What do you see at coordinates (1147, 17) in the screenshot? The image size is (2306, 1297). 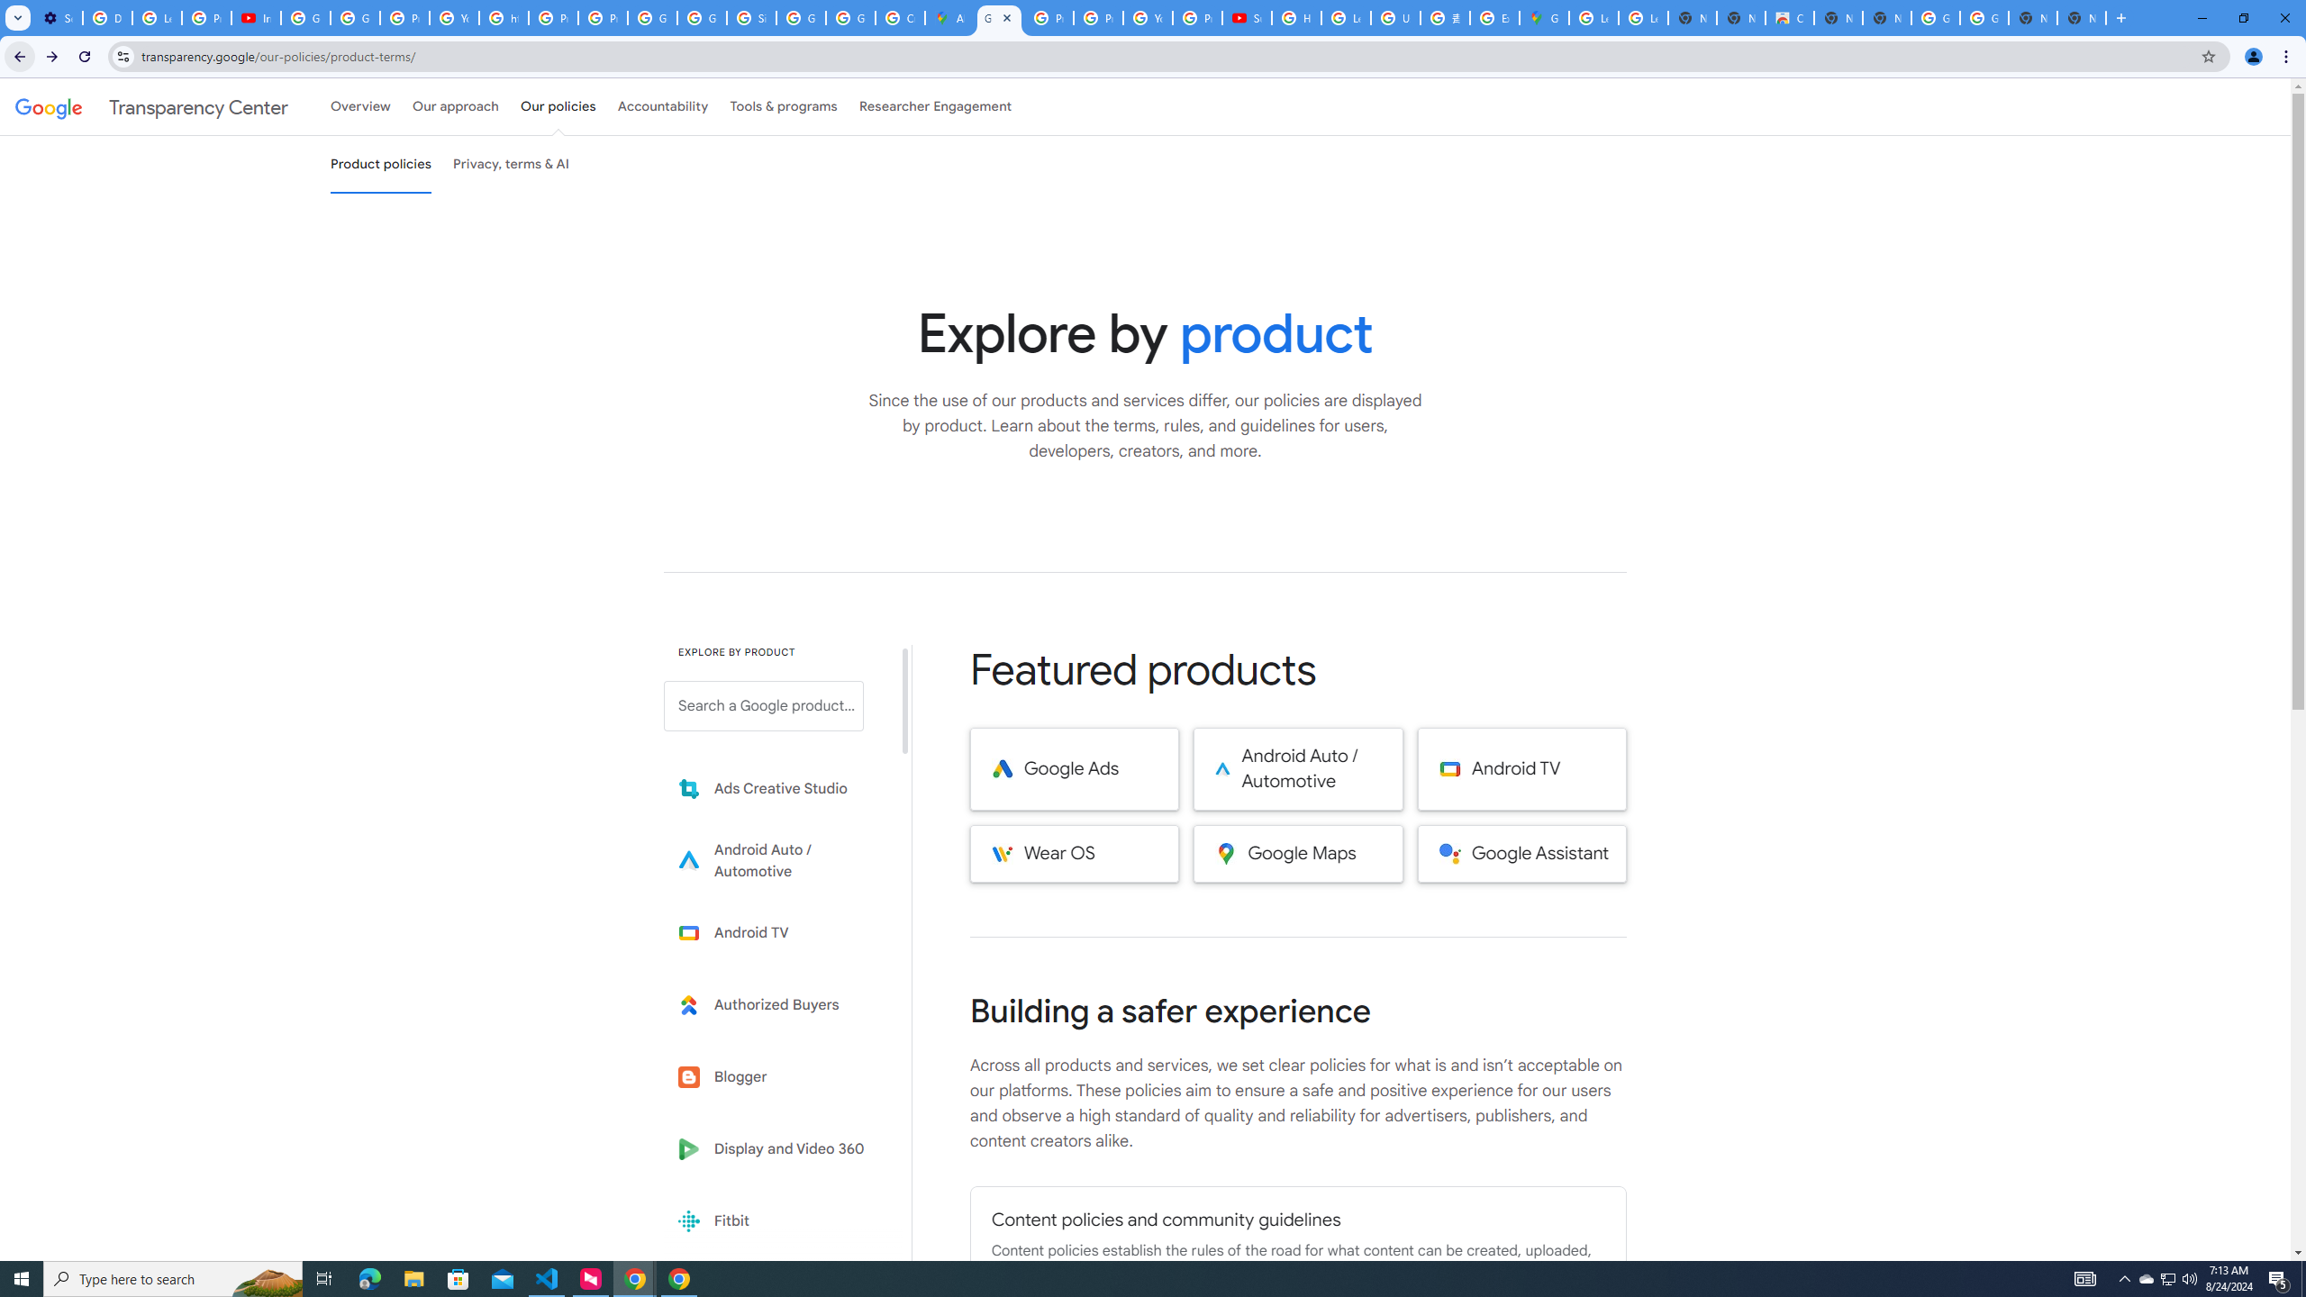 I see `'YouTube'` at bounding box center [1147, 17].